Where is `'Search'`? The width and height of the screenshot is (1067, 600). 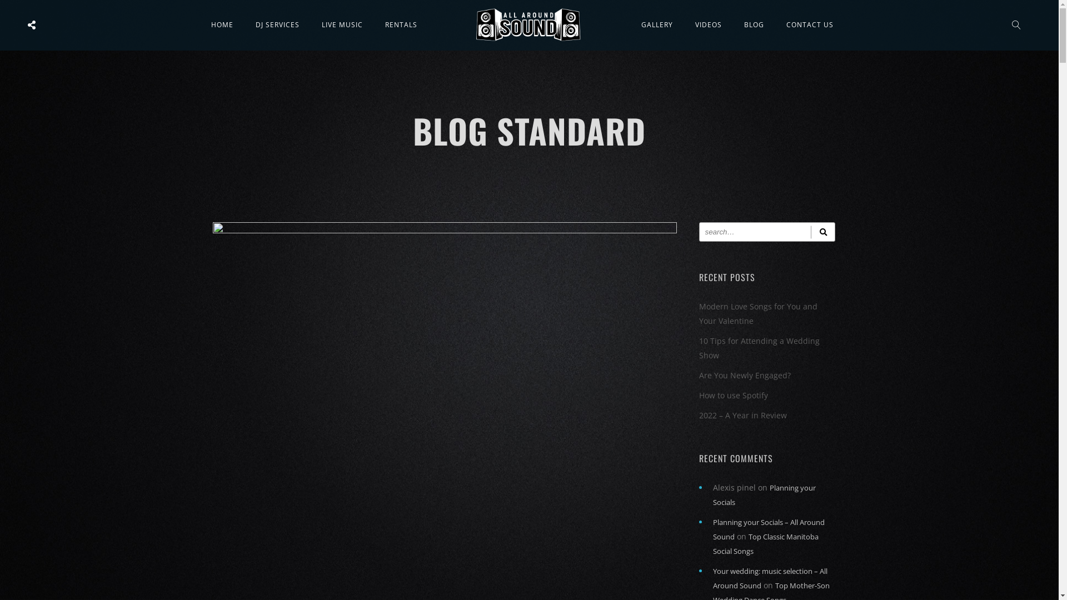 'Search' is located at coordinates (822, 231).